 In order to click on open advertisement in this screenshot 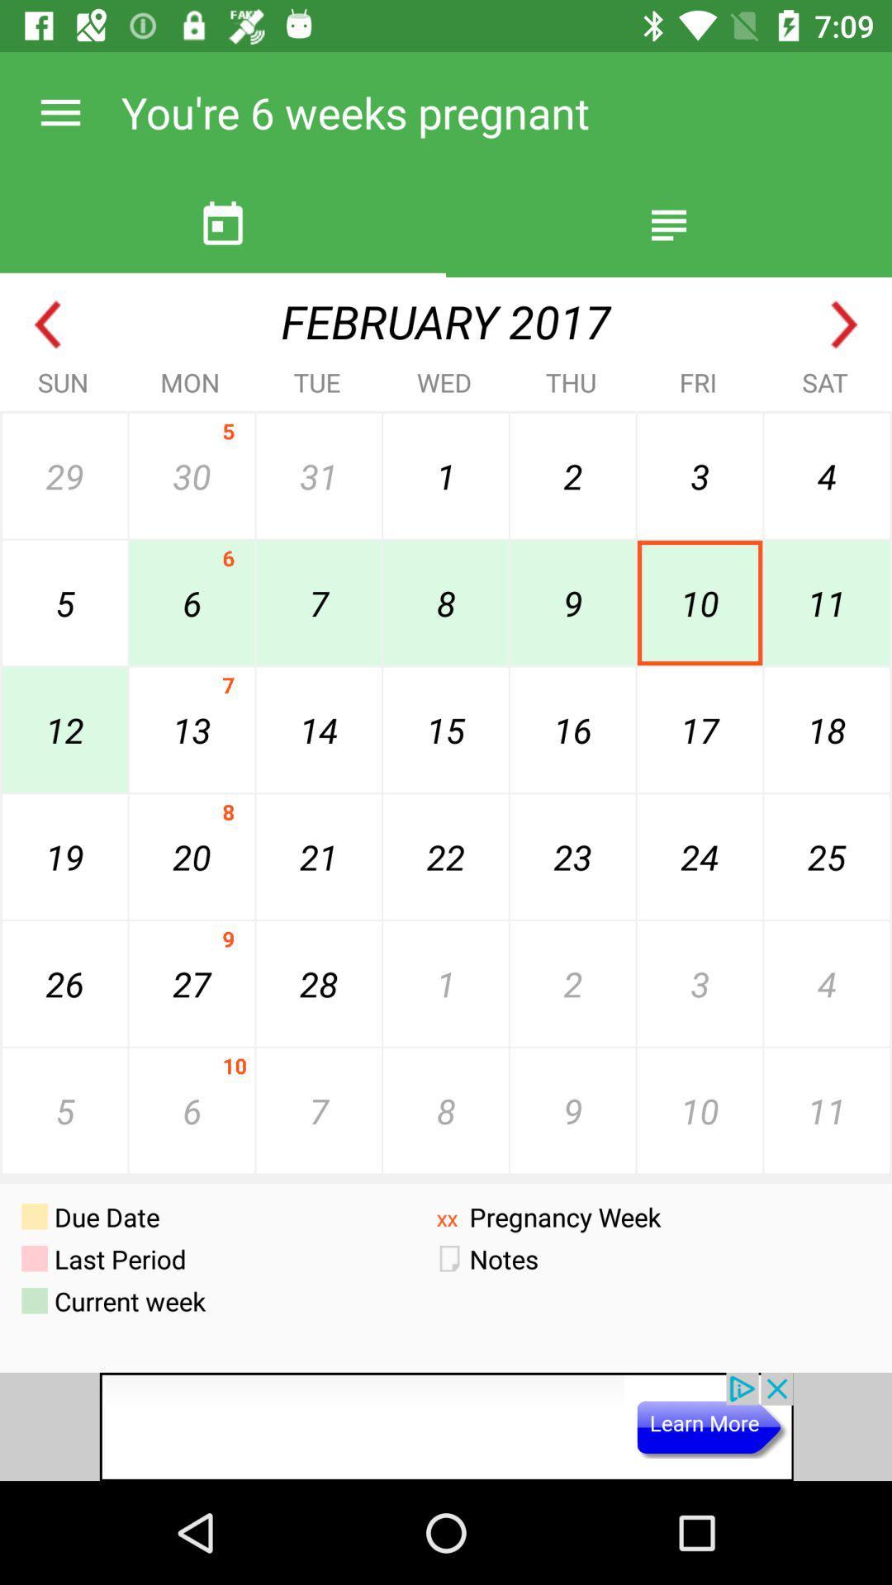, I will do `click(446, 1426)`.